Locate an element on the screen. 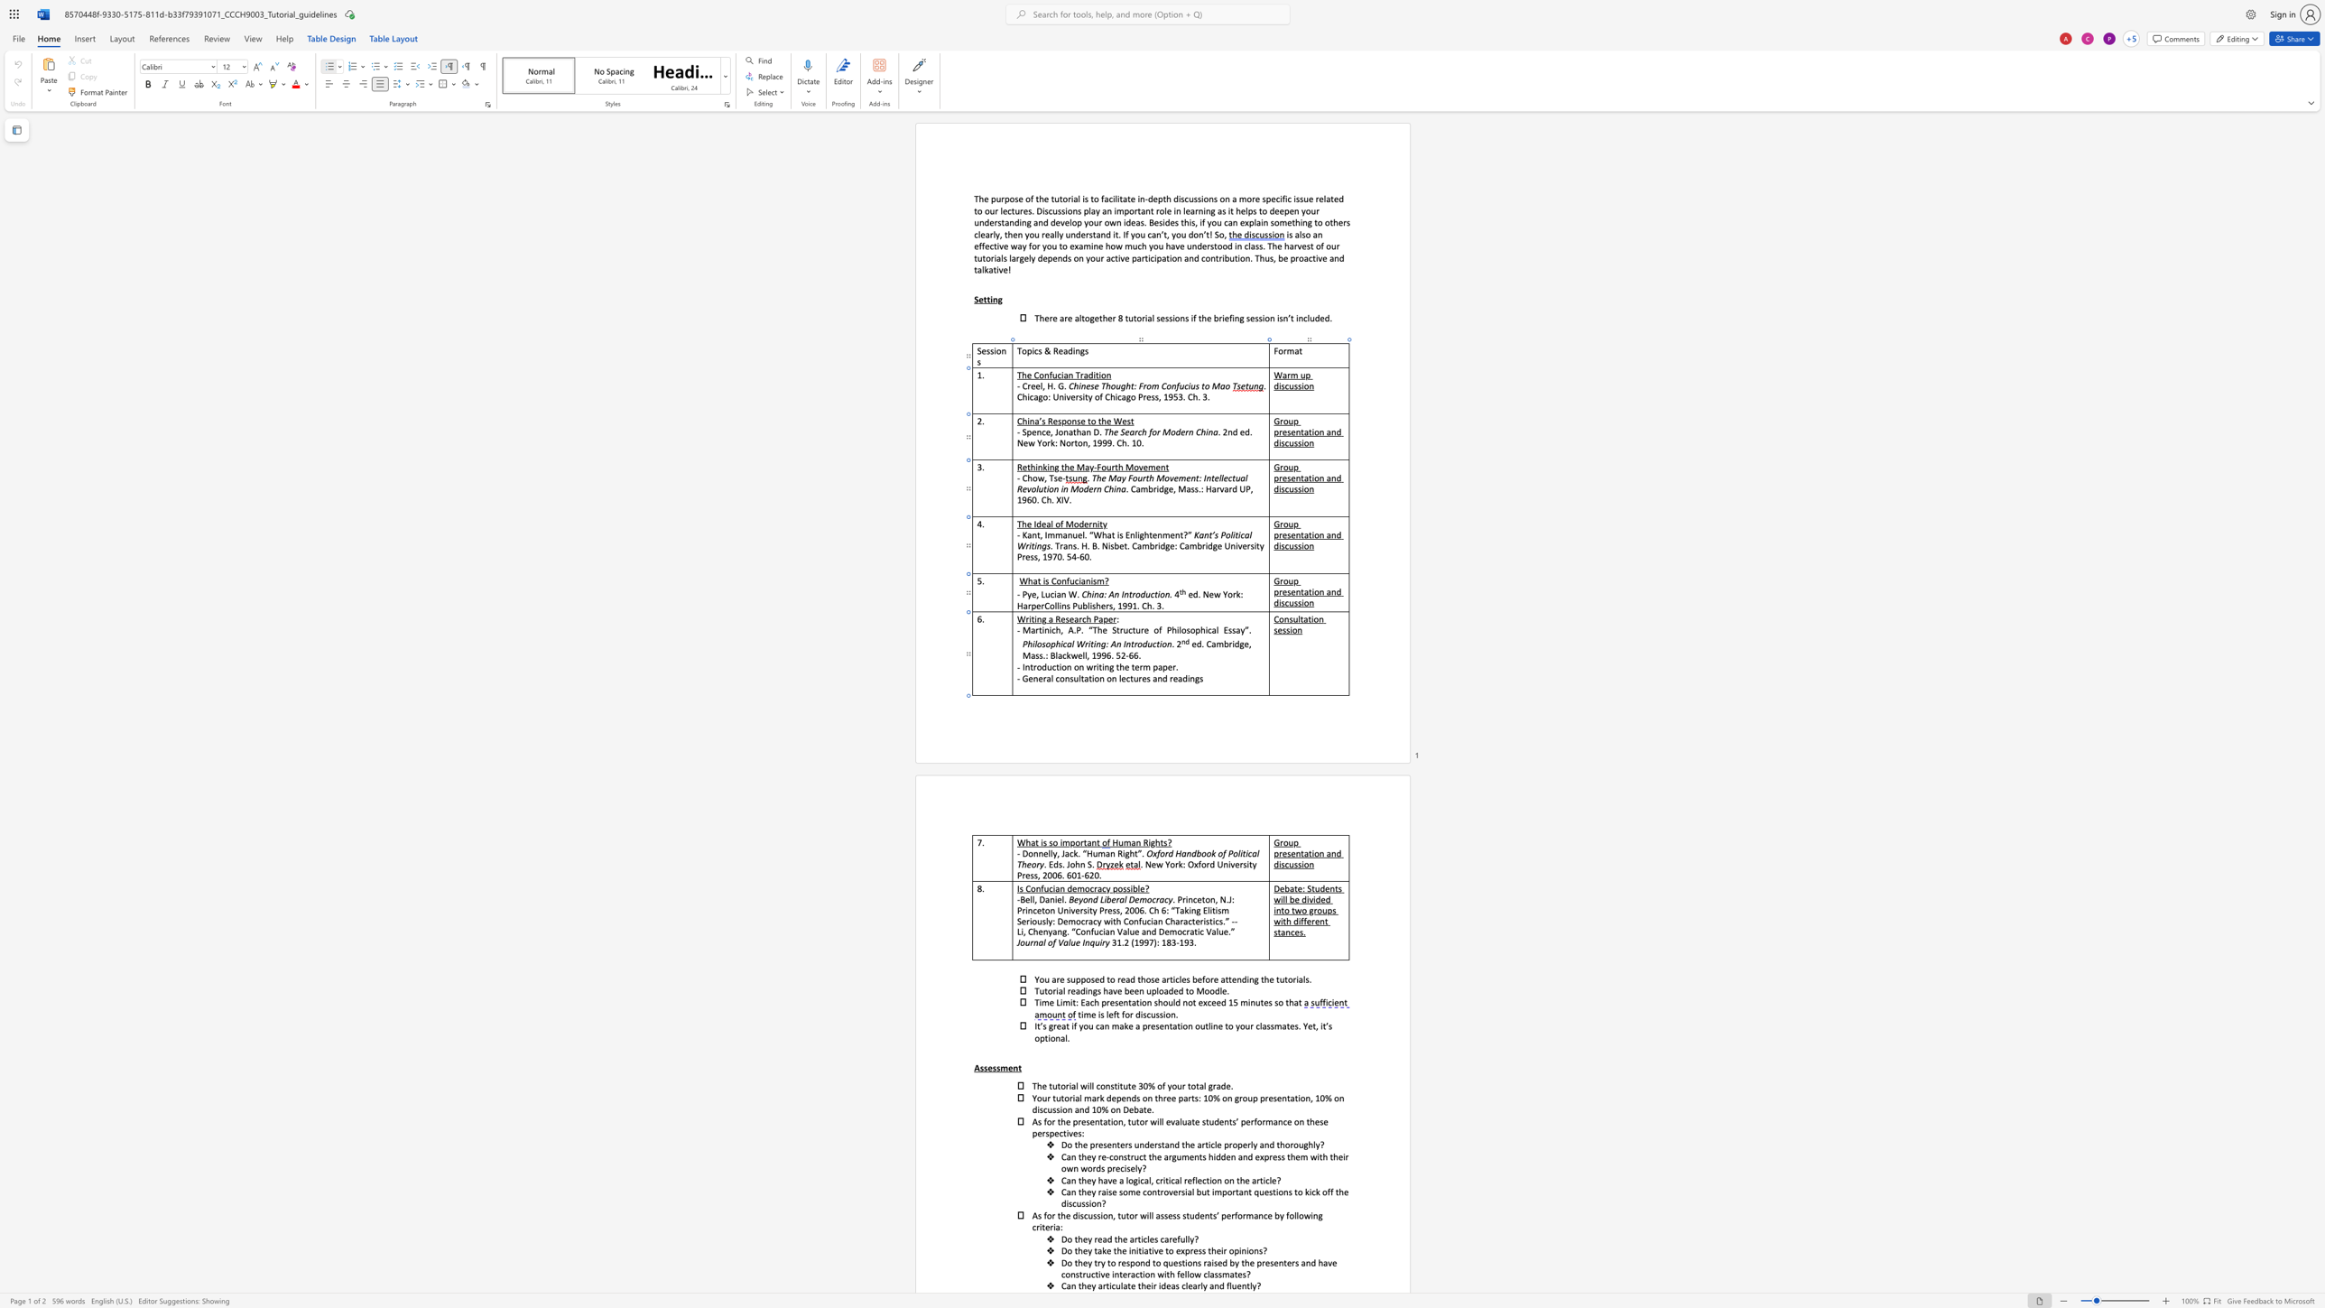 This screenshot has height=1308, width=2325. the space between the continuous character "s" and "?" in the text is located at coordinates (1167, 842).